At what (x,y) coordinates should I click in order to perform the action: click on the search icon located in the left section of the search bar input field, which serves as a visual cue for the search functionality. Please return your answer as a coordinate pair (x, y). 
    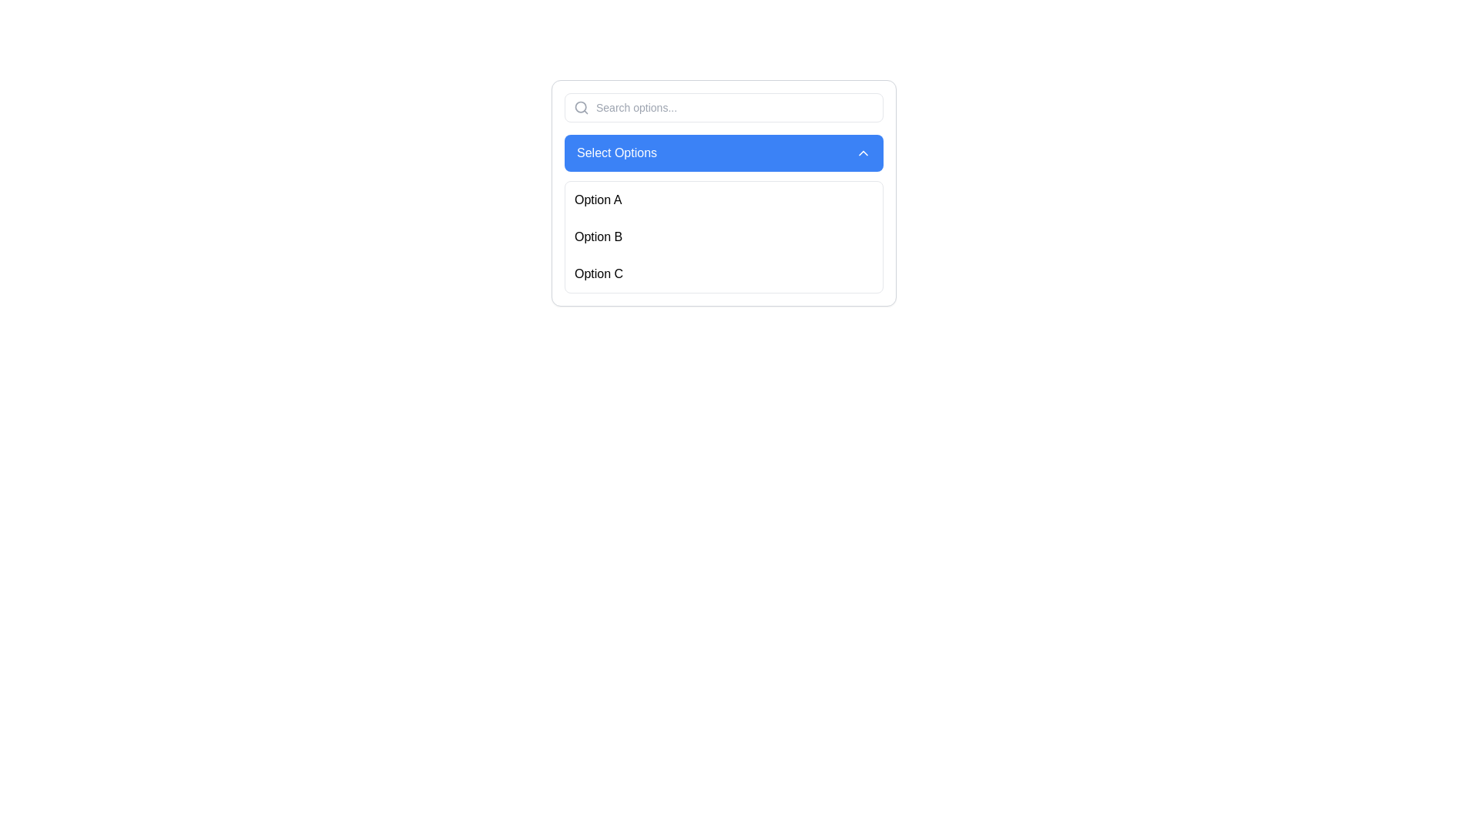
    Looking at the image, I should click on (580, 106).